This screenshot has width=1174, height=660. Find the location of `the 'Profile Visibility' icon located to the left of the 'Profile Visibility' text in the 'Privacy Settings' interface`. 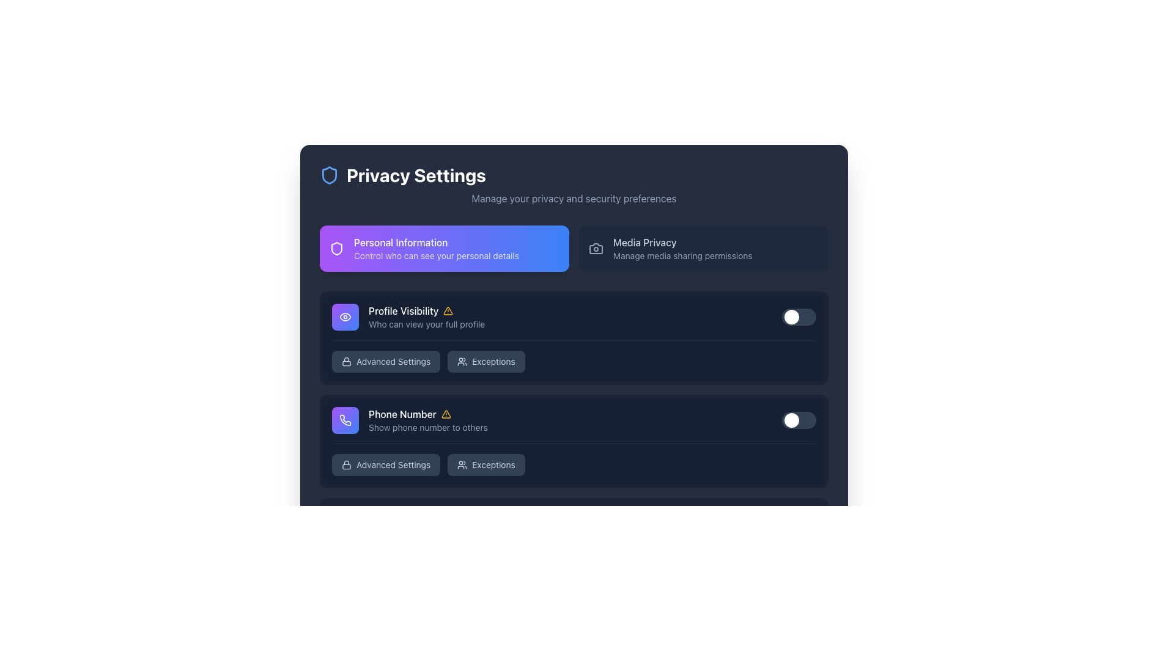

the 'Profile Visibility' icon located to the left of the 'Profile Visibility' text in the 'Privacy Settings' interface is located at coordinates (345, 317).